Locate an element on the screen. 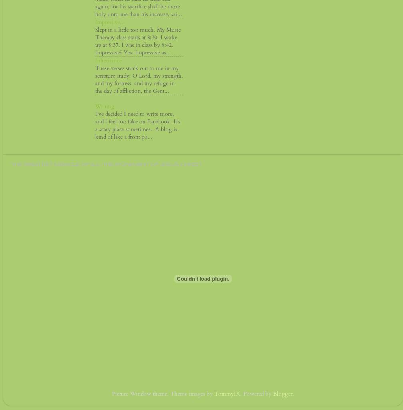  'Inheritance' is located at coordinates (108, 60).